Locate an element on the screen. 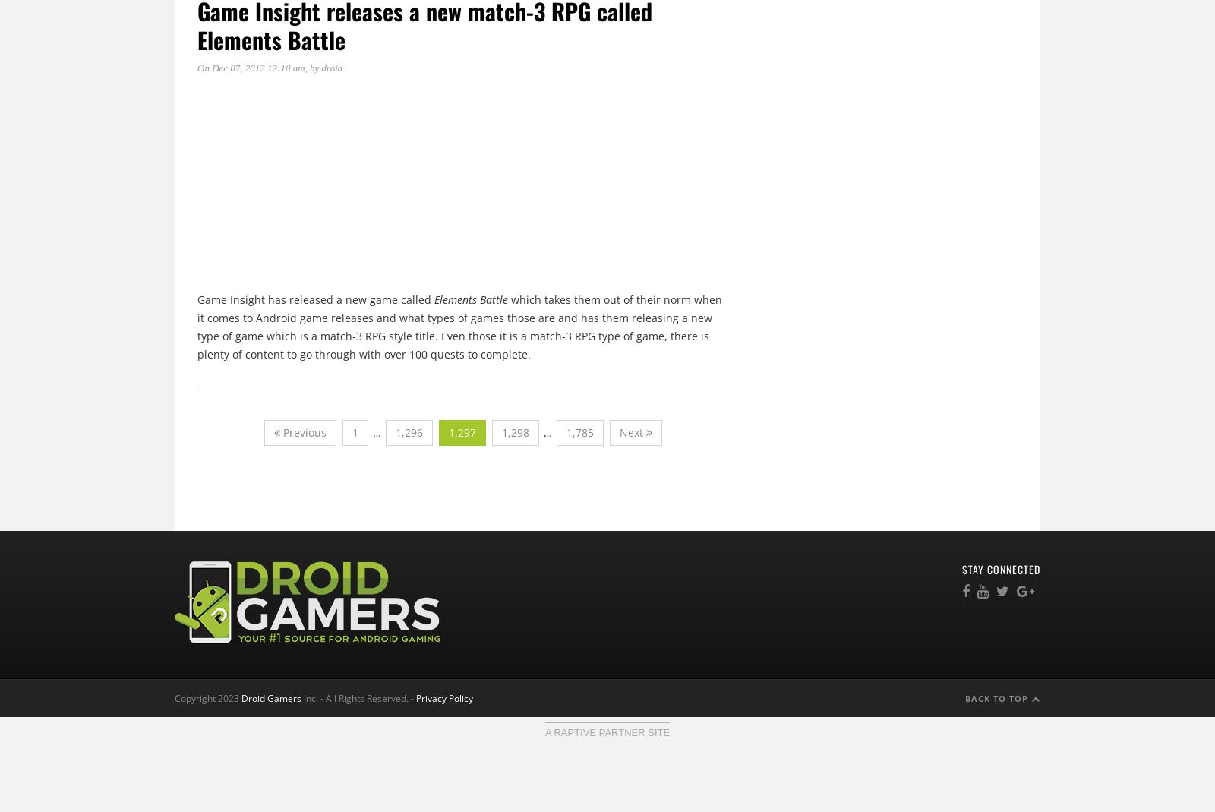 This screenshot has width=1215, height=812. ', by' is located at coordinates (304, 67).